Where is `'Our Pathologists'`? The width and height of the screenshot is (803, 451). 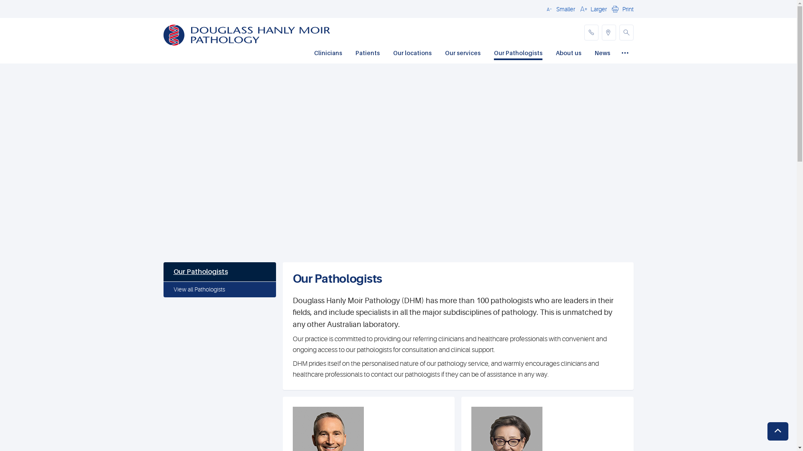
'Our Pathologists' is located at coordinates (219, 272).